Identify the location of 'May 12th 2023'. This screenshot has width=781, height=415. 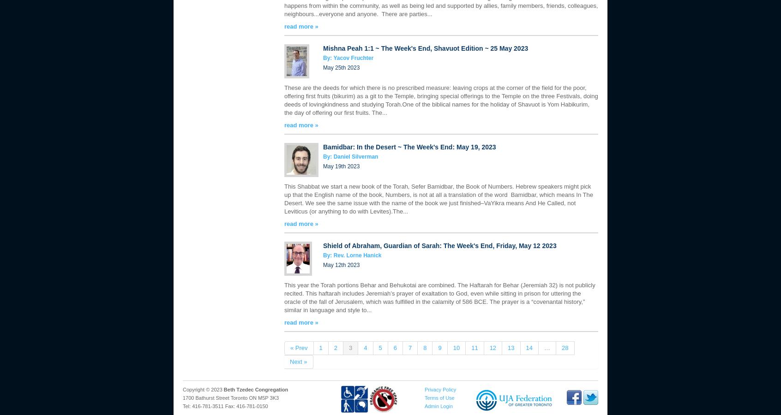
(323, 265).